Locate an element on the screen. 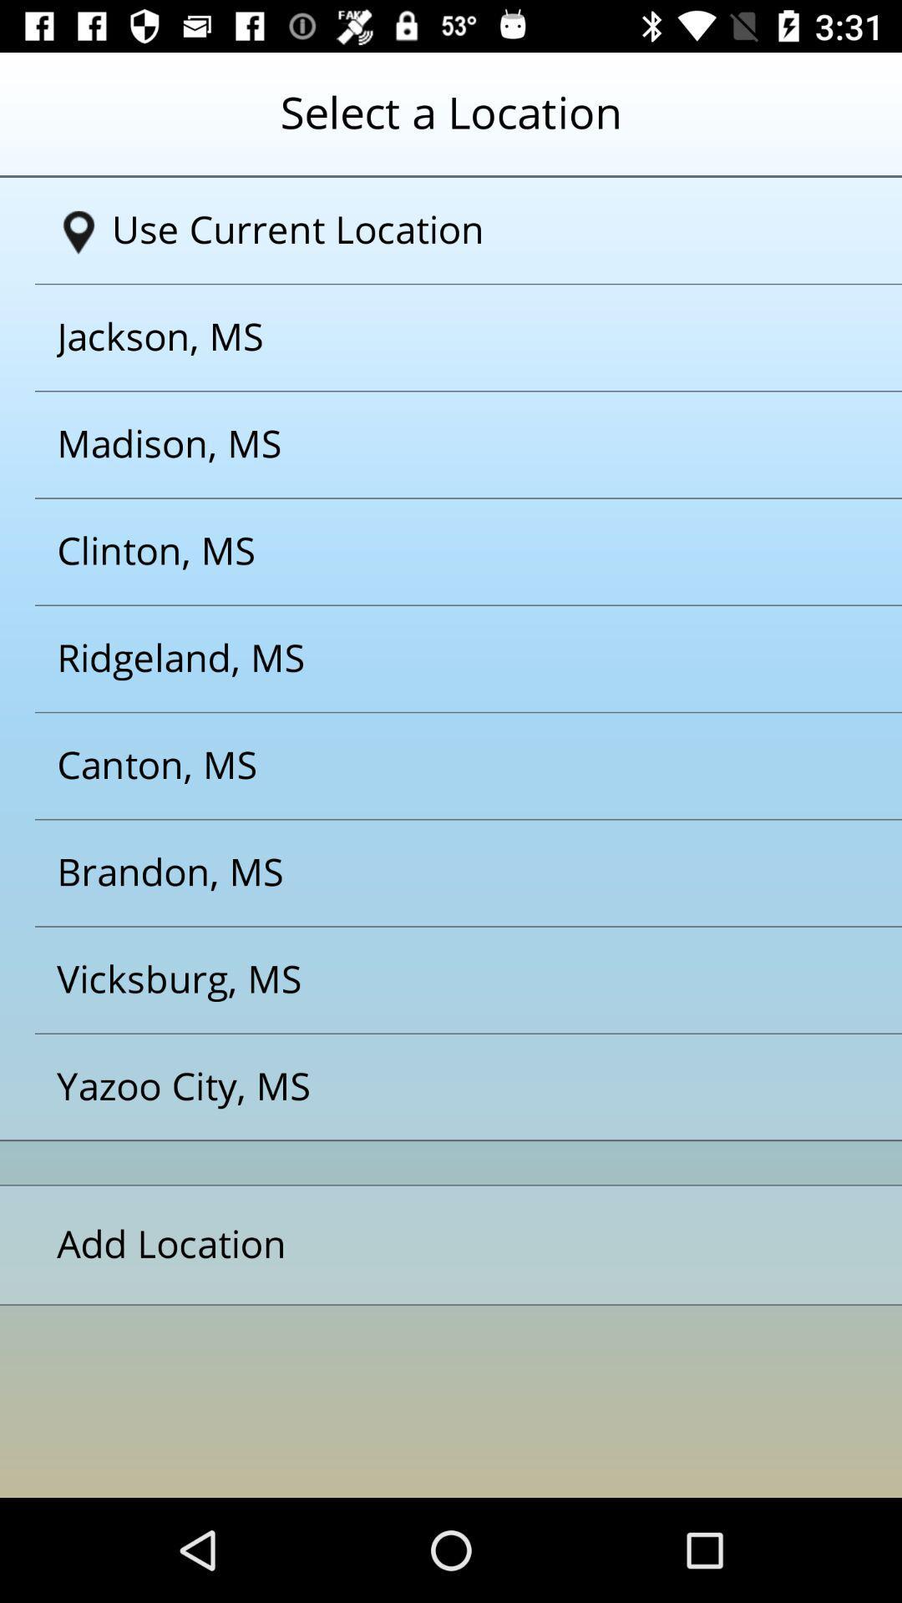 The height and width of the screenshot is (1603, 902). the third option above the add location is located at coordinates (429, 872).